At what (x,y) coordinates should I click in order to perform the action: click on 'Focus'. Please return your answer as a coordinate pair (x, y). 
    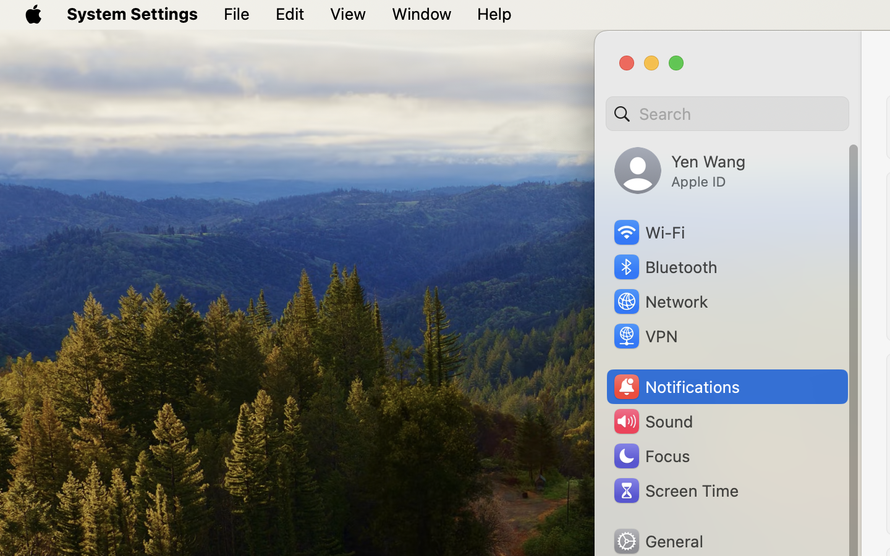
    Looking at the image, I should click on (650, 455).